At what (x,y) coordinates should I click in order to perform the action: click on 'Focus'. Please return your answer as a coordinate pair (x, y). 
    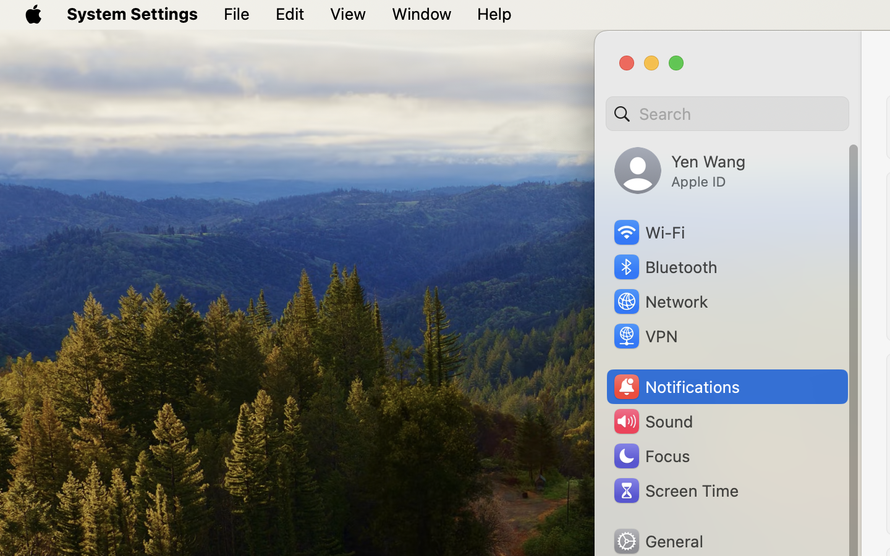
    Looking at the image, I should click on (650, 455).